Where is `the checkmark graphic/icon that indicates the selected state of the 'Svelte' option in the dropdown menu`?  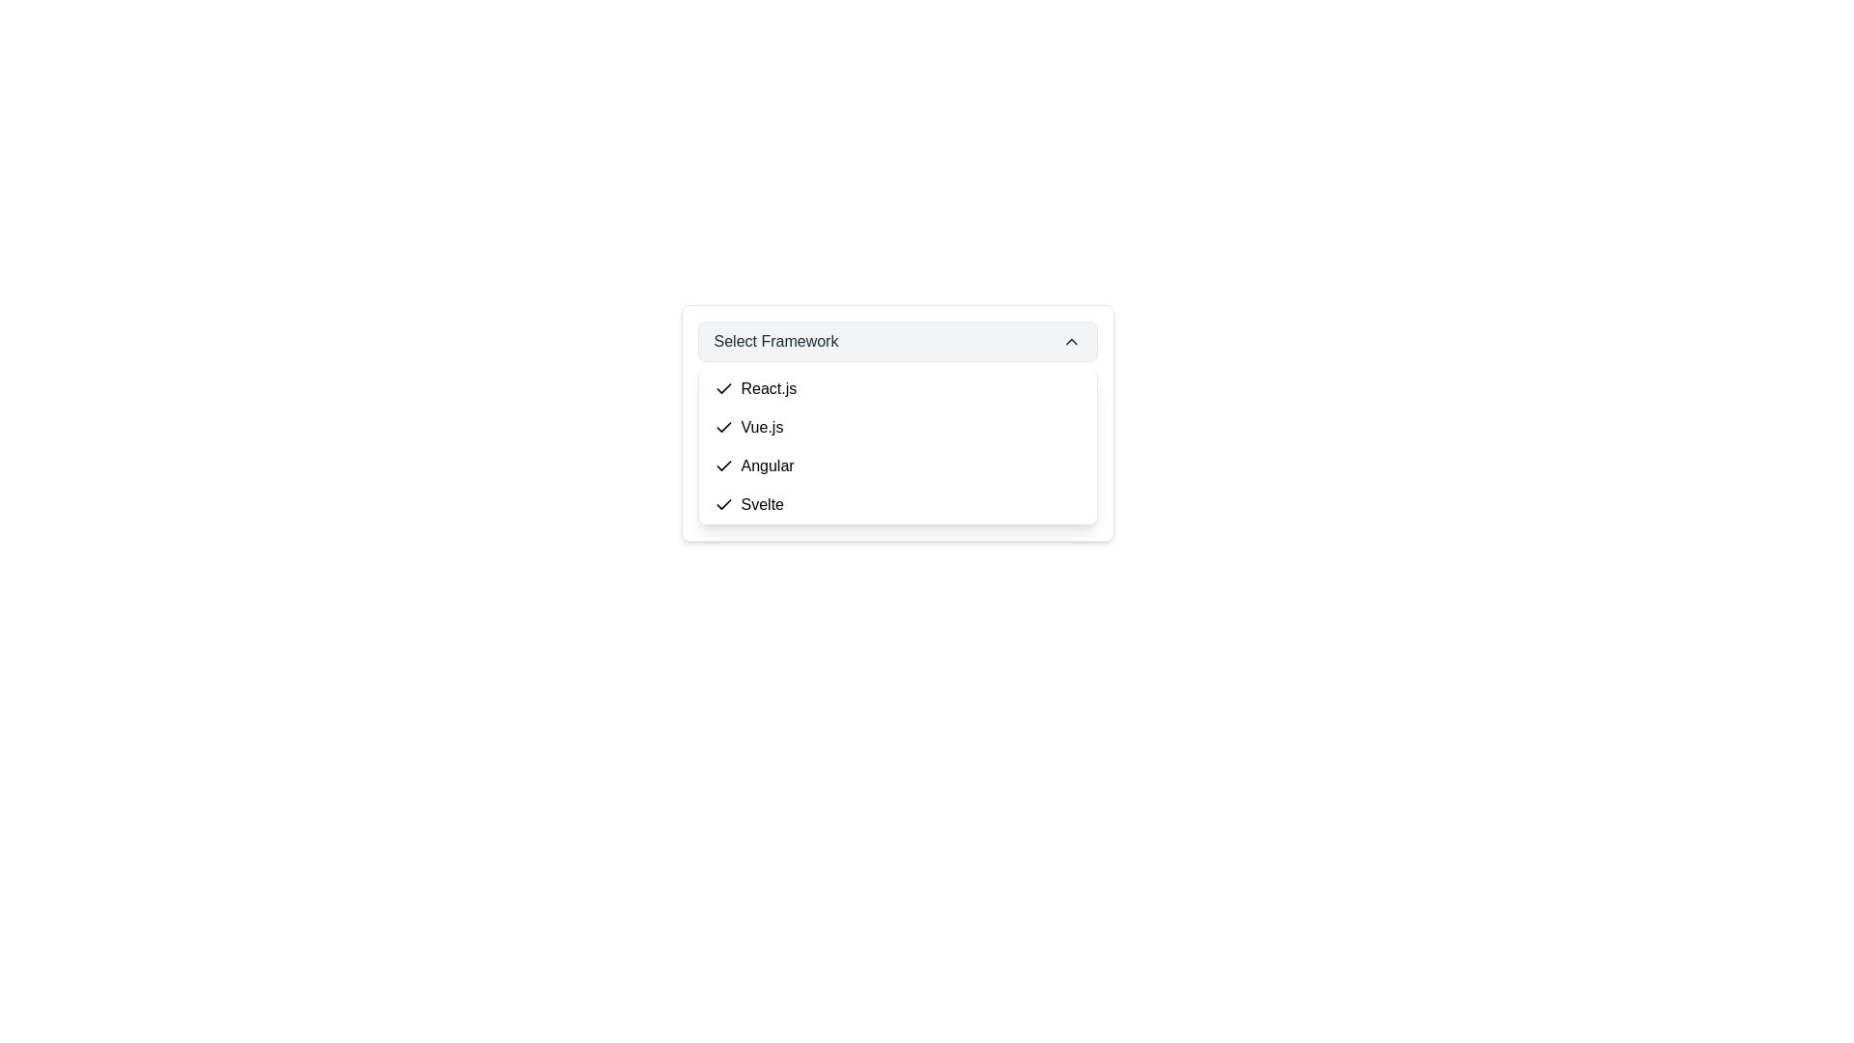 the checkmark graphic/icon that indicates the selected state of the 'Svelte' option in the dropdown menu is located at coordinates (722, 504).